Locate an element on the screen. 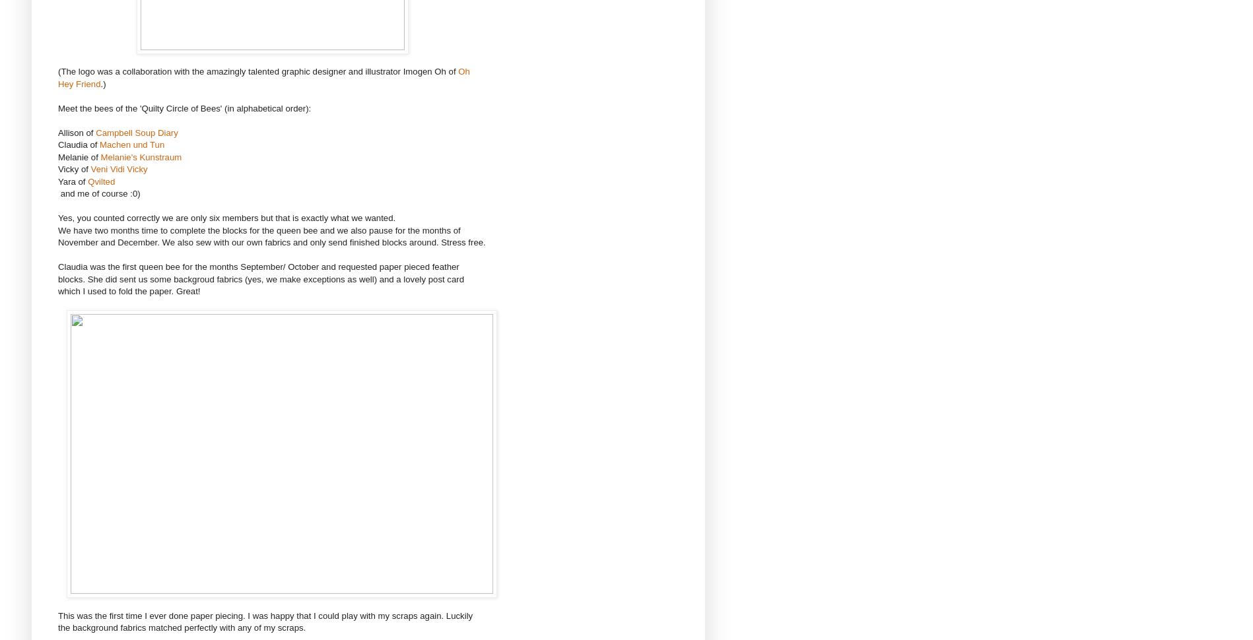  'Vicky of' is located at coordinates (74, 168).